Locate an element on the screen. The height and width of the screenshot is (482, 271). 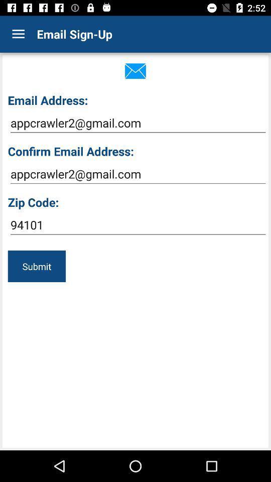
the submit icon is located at coordinates (36, 266).